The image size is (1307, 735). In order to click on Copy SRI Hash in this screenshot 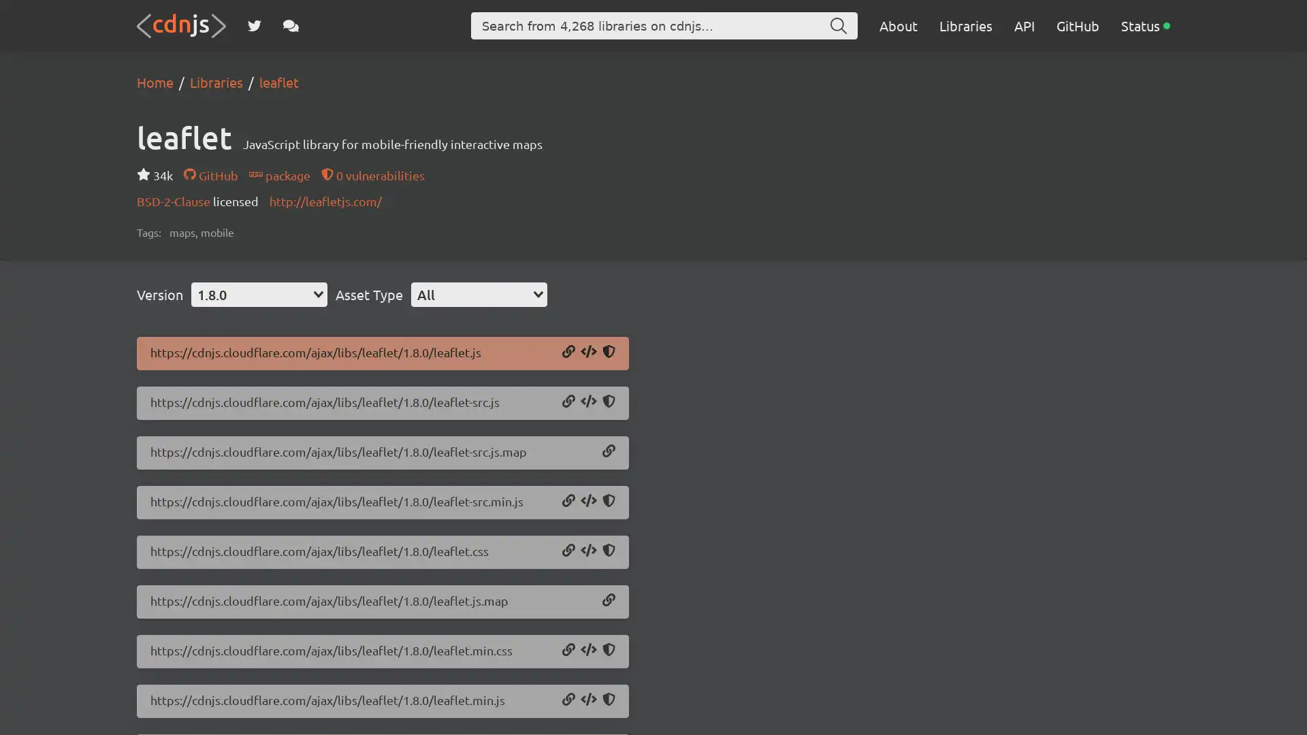, I will do `click(608, 402)`.